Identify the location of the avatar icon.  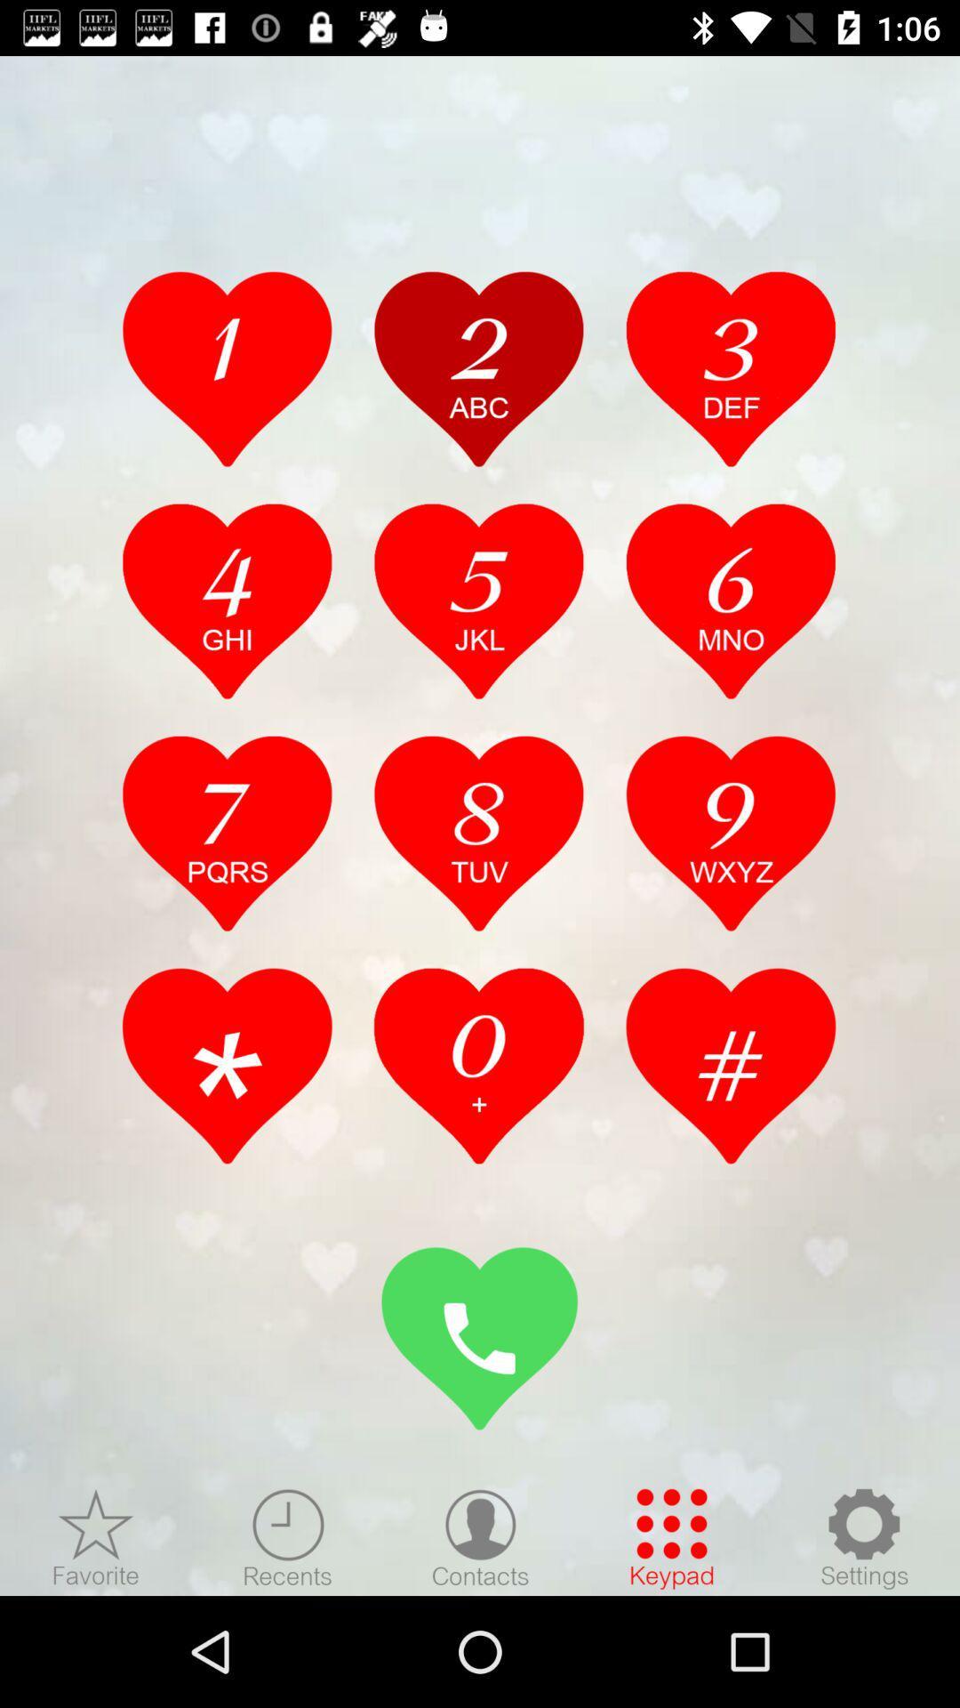
(480, 1537).